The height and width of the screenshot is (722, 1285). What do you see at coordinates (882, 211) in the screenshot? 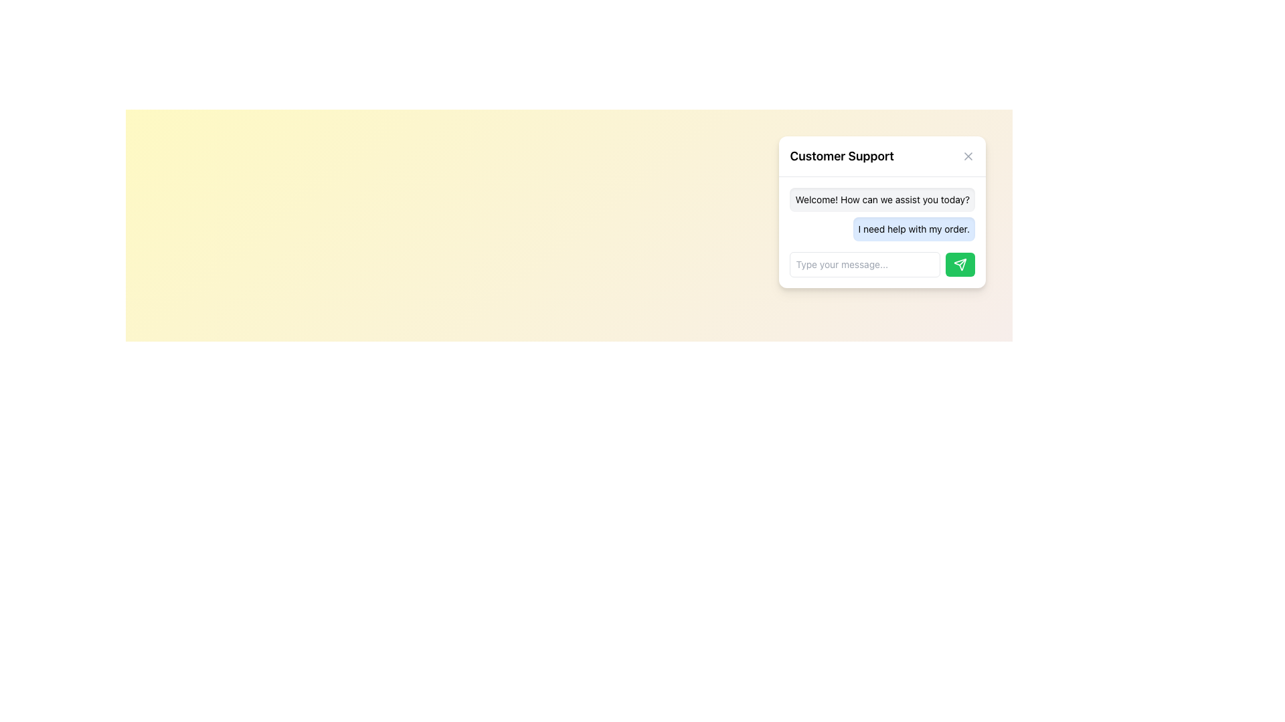
I see `the chat message bubble displaying a user query in the Customer Support interface, located in the top-right corner below the title` at bounding box center [882, 211].